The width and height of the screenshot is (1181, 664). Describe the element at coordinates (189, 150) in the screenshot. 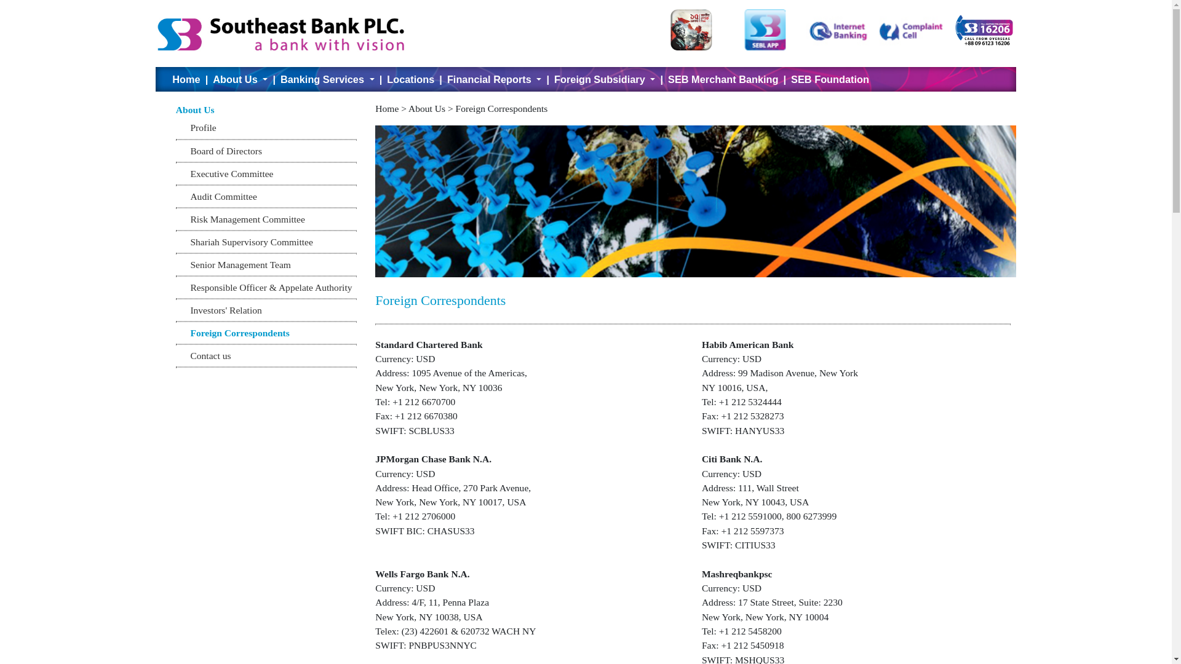

I see `'Board of Directors'` at that location.